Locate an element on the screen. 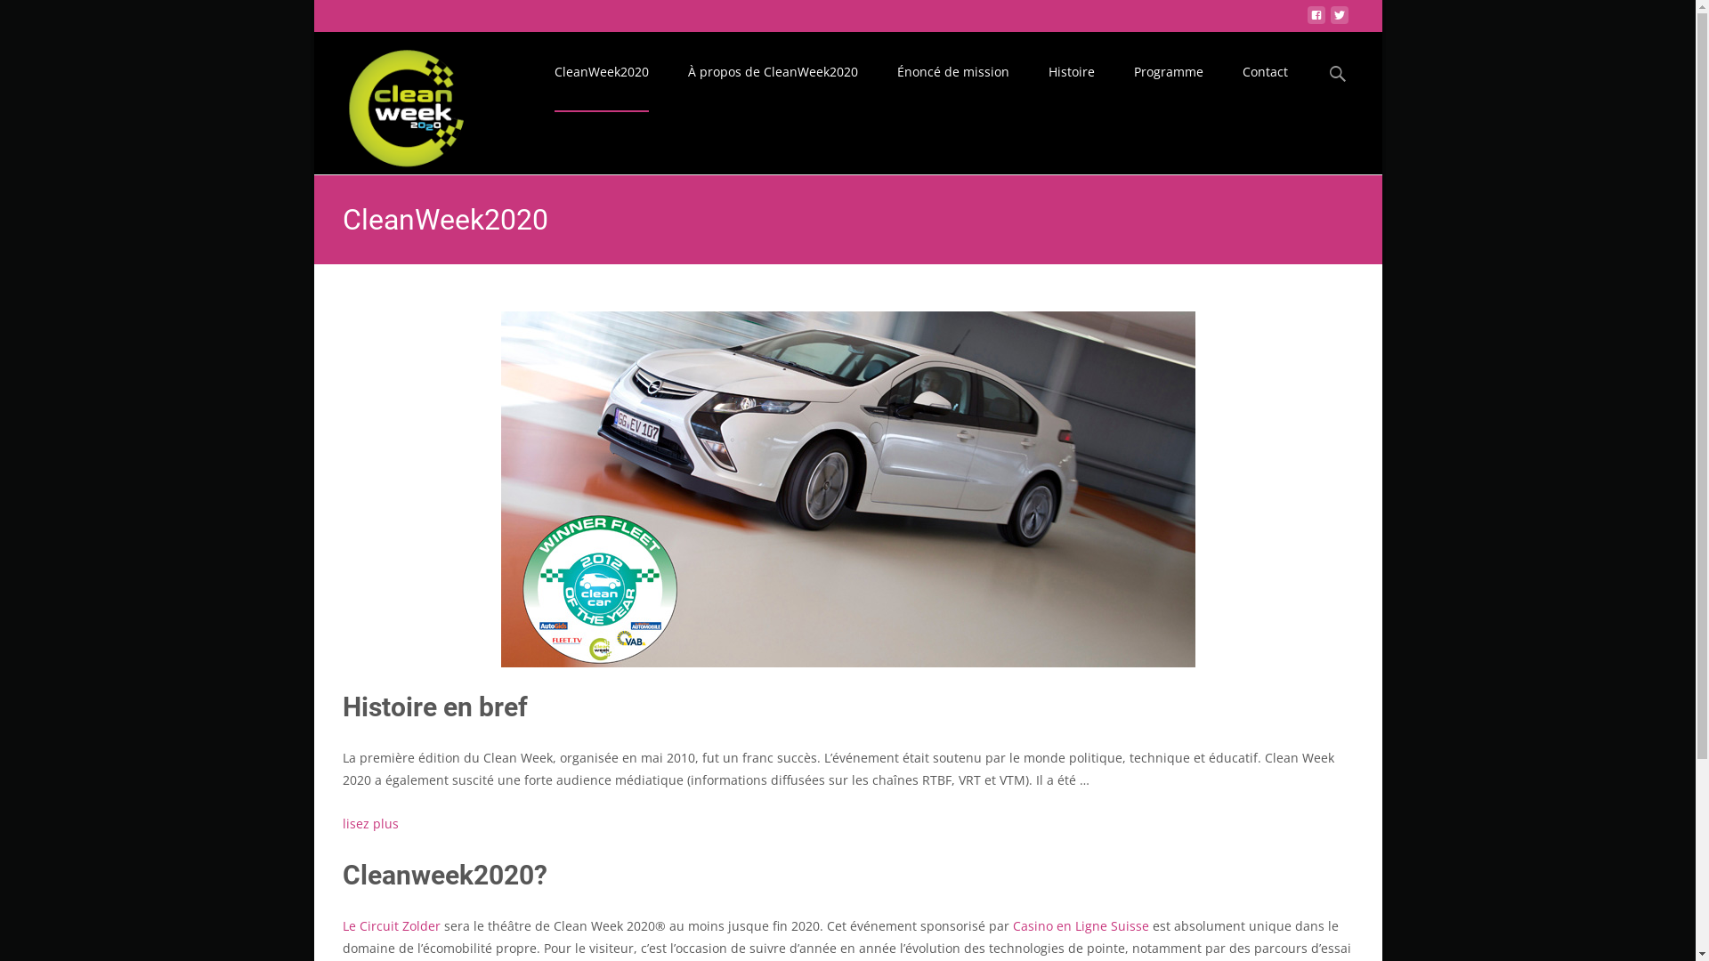  'twitter' is located at coordinates (1338, 20).